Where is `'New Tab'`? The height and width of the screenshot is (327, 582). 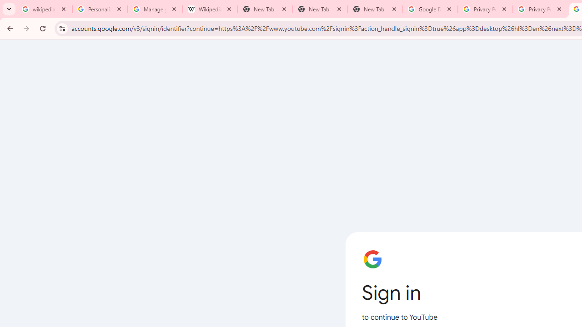
'New Tab' is located at coordinates (375, 9).